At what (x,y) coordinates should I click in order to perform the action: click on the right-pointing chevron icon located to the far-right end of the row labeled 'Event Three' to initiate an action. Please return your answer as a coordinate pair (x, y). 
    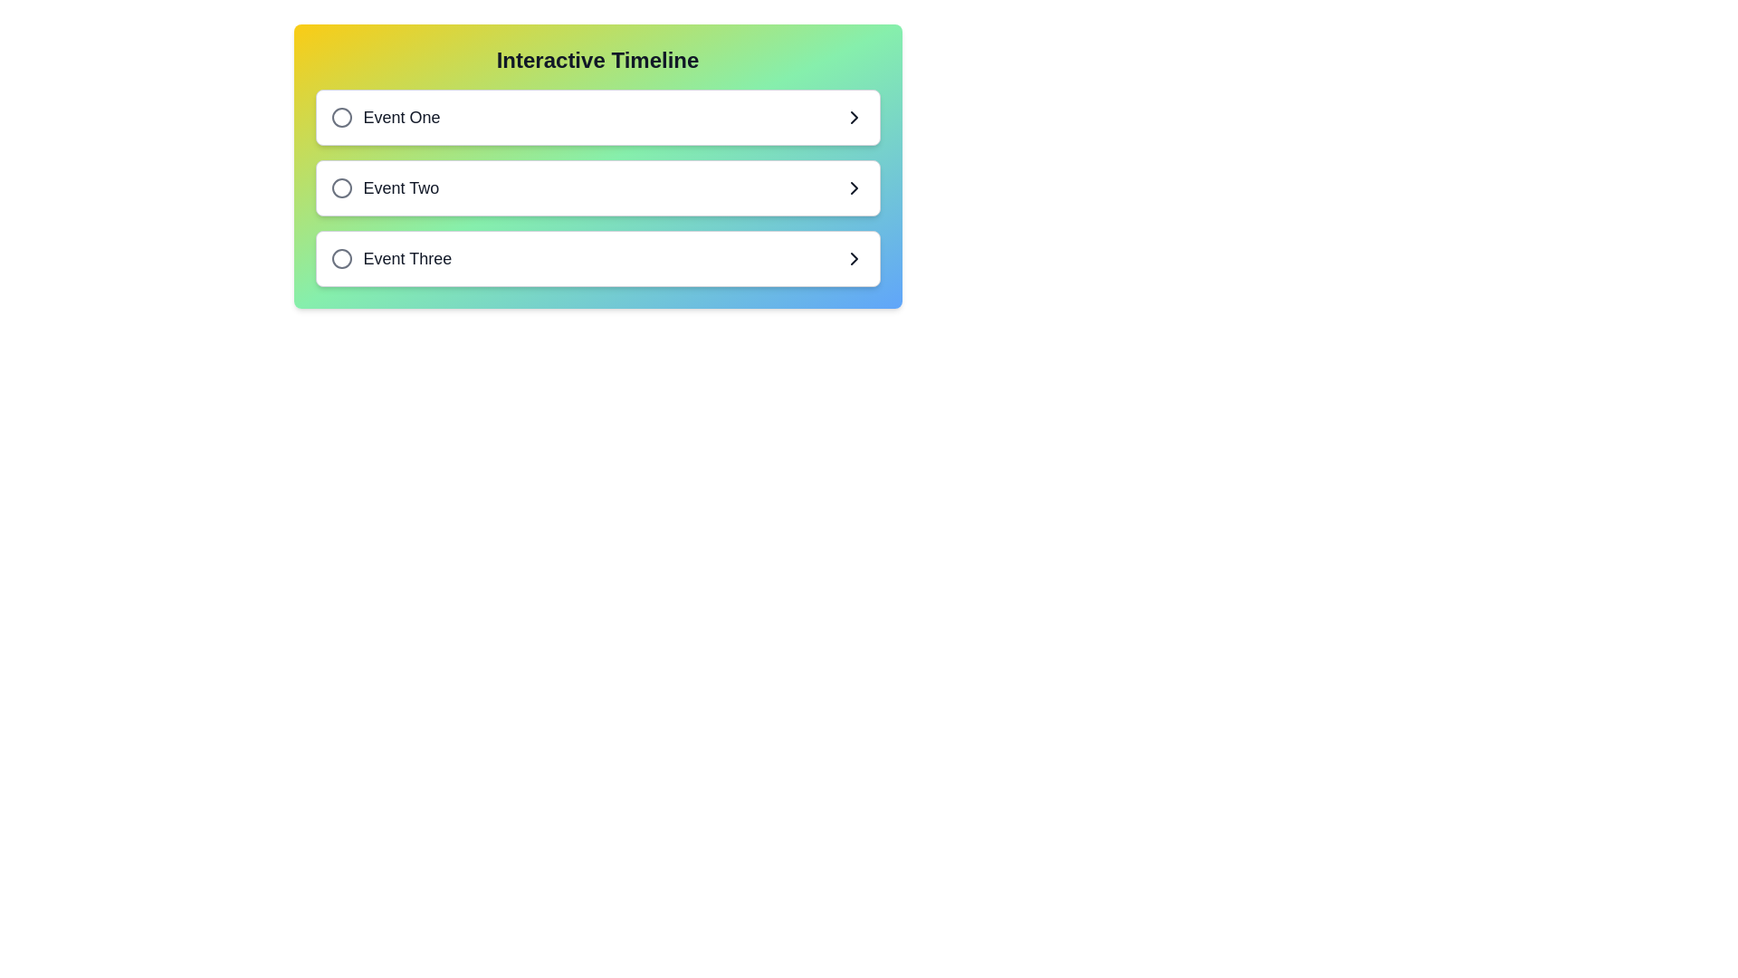
    Looking at the image, I should click on (853, 258).